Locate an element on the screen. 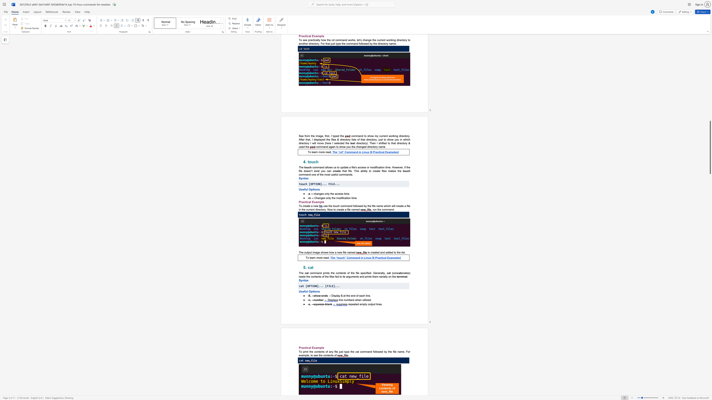 The width and height of the screenshot is (712, 400). the subset text "t line" within the text "repeated empty output lines." is located at coordinates (374, 304).